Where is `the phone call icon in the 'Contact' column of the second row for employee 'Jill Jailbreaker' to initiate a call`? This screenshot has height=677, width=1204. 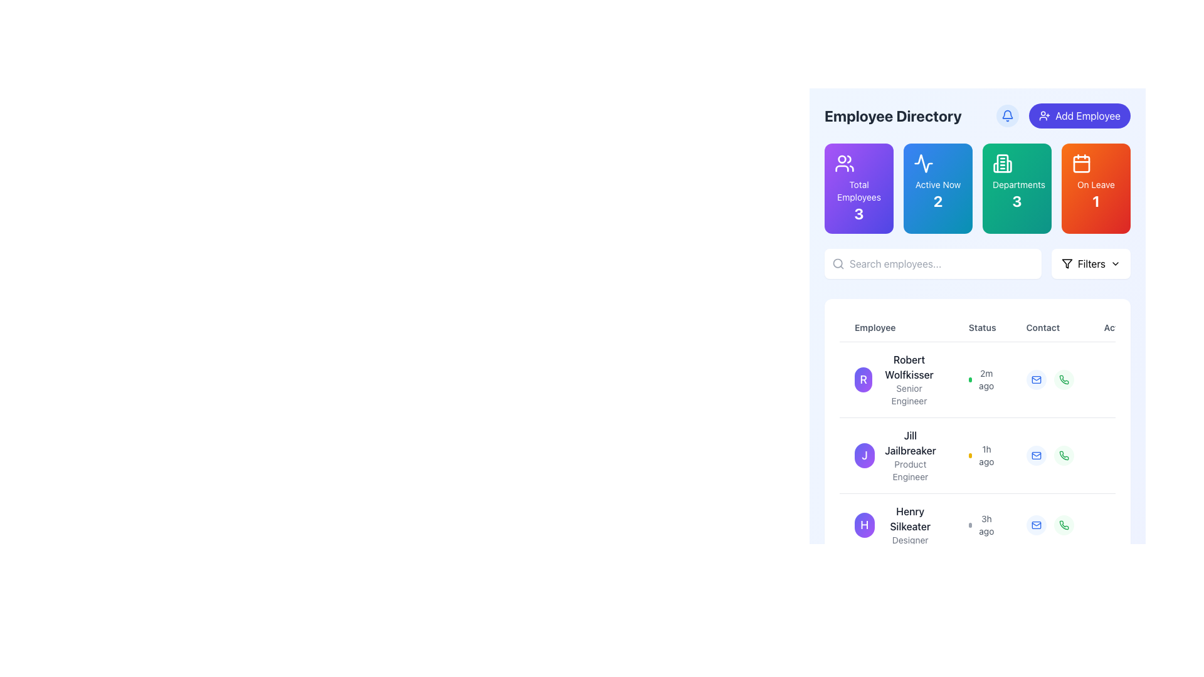 the phone call icon in the 'Contact' column of the second row for employee 'Jill Jailbreaker' to initiate a call is located at coordinates (1063, 455).